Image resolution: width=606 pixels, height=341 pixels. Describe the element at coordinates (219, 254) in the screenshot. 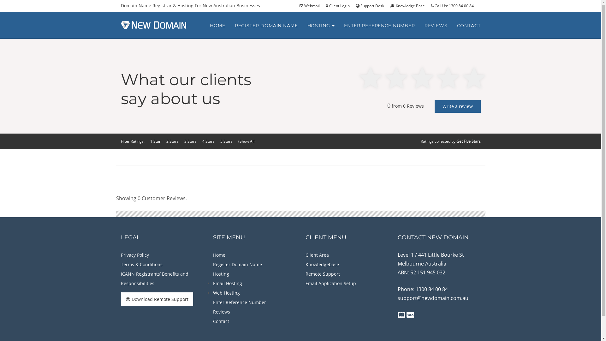

I see `'Home'` at that location.